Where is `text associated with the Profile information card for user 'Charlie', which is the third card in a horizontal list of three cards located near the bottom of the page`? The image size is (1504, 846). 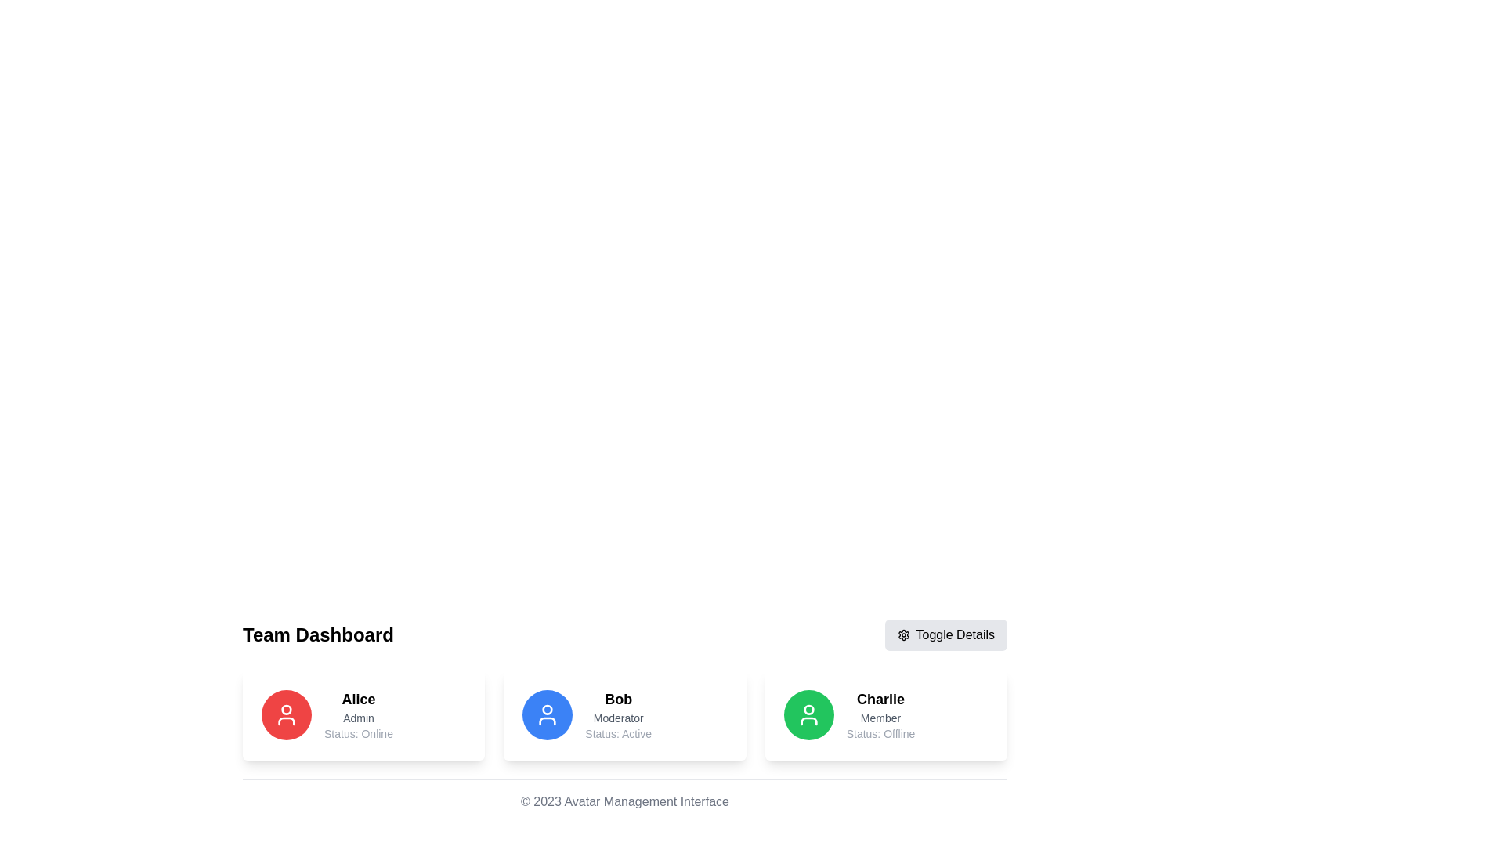
text associated with the Profile information card for user 'Charlie', which is the third card in a horizontal list of three cards located near the bottom of the page is located at coordinates (886, 715).